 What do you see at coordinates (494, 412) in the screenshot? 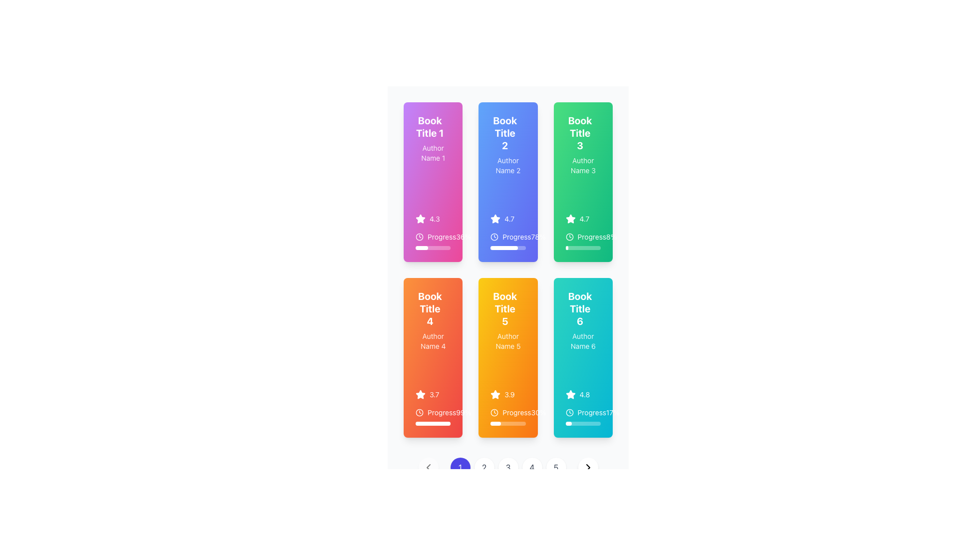
I see `the circular graphic element, which is the circular base of a clock icon located within the fifth card element in the bottom row, middle position` at bounding box center [494, 412].